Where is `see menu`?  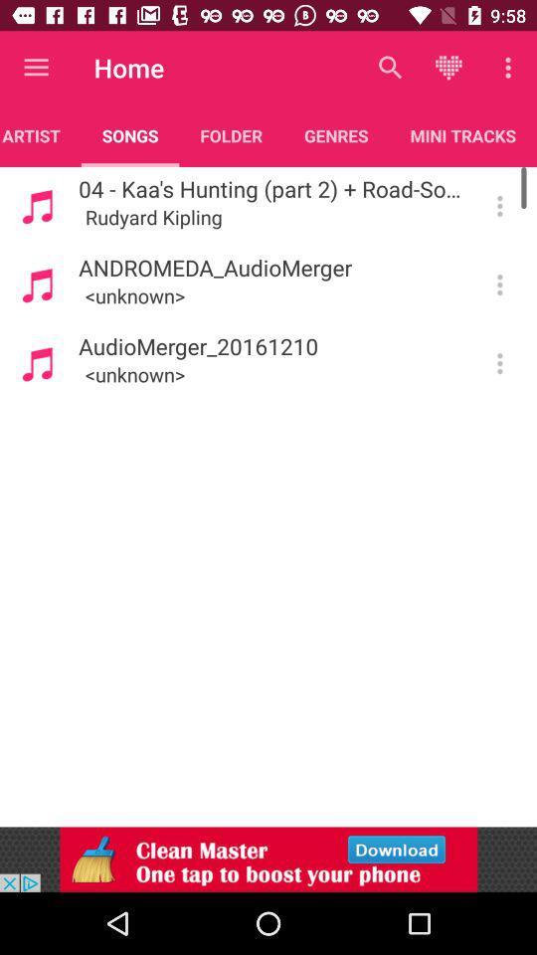 see menu is located at coordinates (498, 206).